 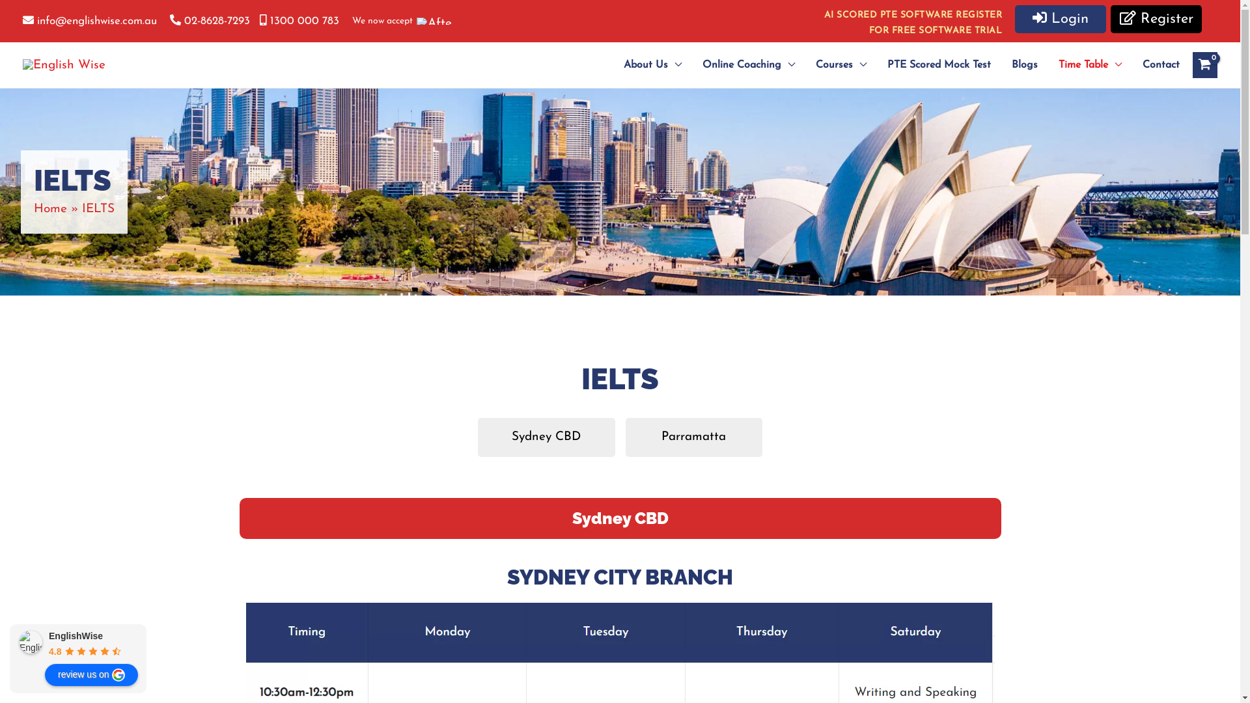 What do you see at coordinates (299, 21) in the screenshot?
I see `'1300 000 783'` at bounding box center [299, 21].